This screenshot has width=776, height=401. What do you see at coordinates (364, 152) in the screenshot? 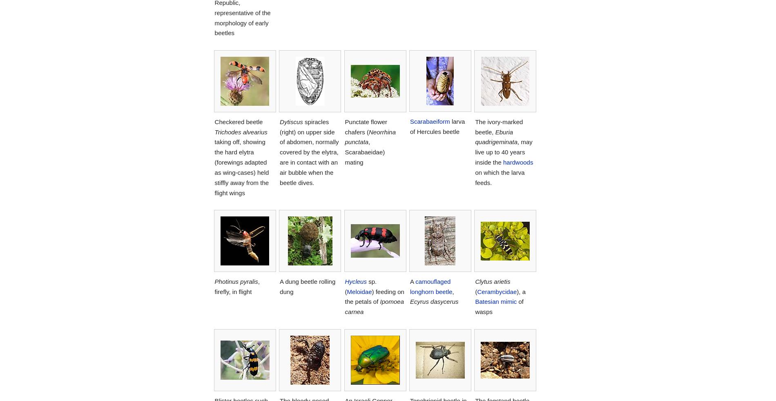
I see `', Scarabaeidae) mating'` at bounding box center [364, 152].